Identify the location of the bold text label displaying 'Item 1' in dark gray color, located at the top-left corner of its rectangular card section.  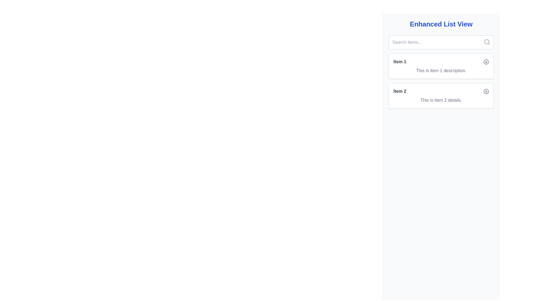
(400, 62).